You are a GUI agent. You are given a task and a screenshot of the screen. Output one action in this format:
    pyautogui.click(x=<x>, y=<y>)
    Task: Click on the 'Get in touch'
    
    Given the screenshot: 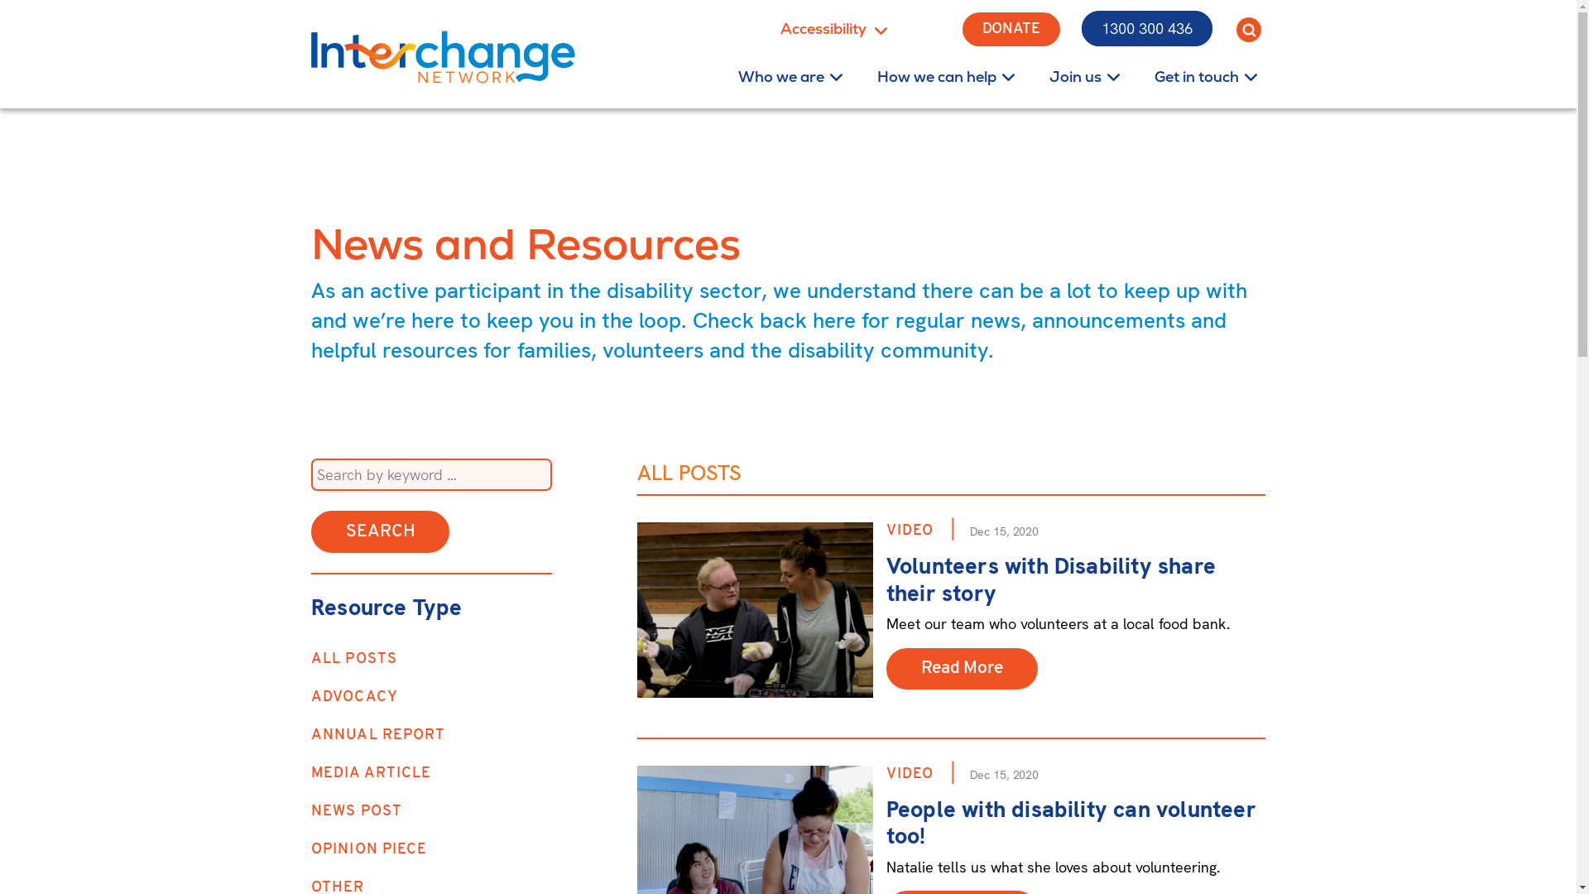 What is the action you would take?
    pyautogui.click(x=1196, y=76)
    